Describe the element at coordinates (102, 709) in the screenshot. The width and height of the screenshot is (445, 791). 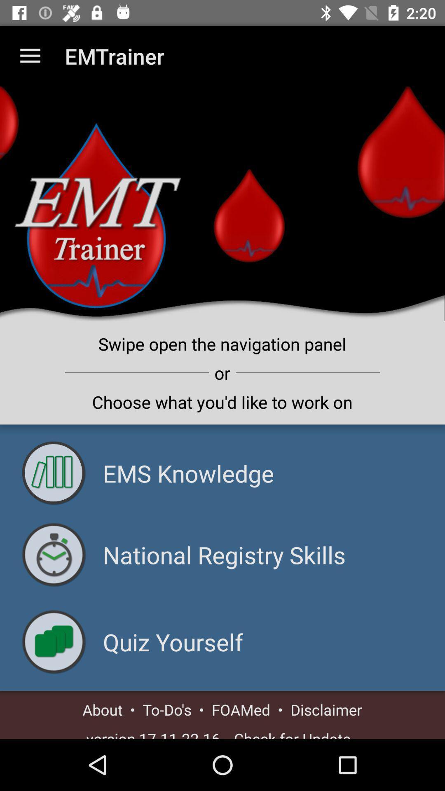
I see `about item` at that location.